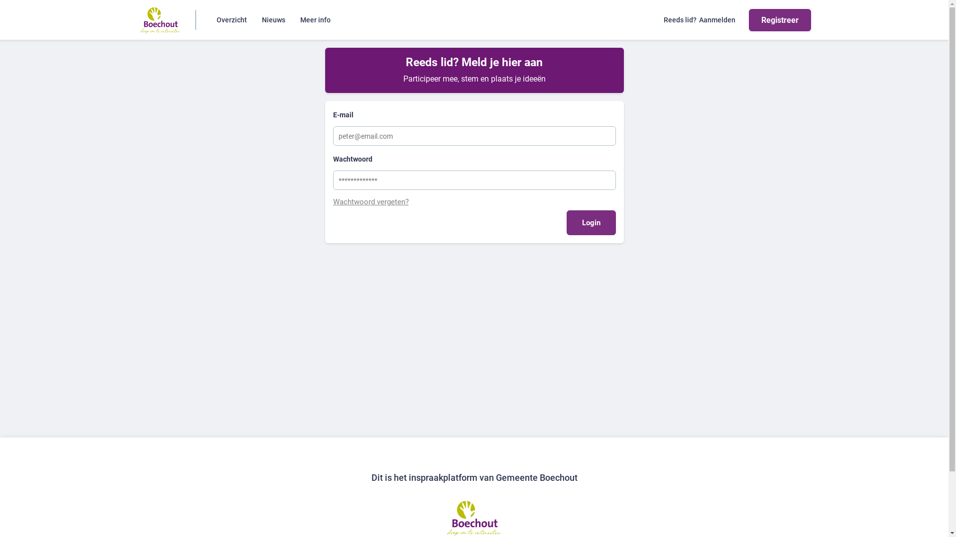  I want to click on 'Login', so click(591, 222).